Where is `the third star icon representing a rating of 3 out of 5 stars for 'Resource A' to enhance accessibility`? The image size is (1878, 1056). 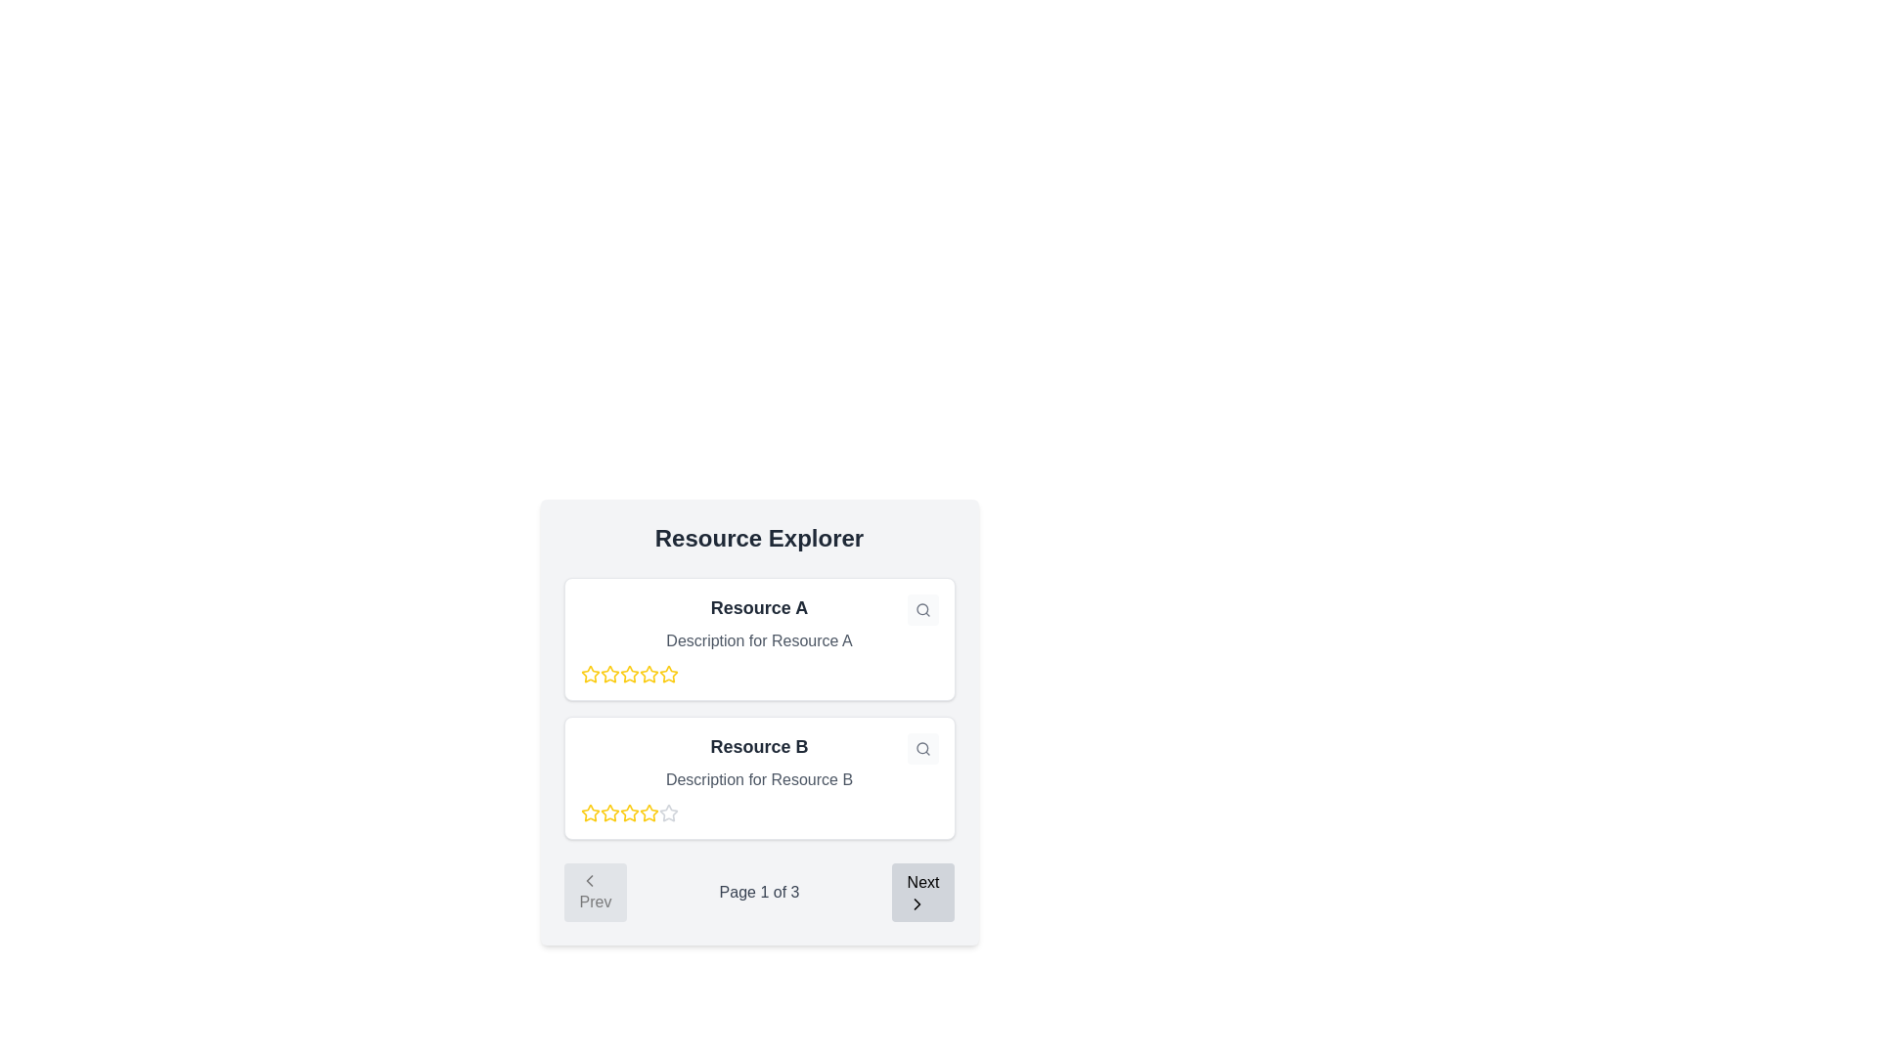
the third star icon representing a rating of 3 out of 5 stars for 'Resource A' to enhance accessibility is located at coordinates (608, 674).